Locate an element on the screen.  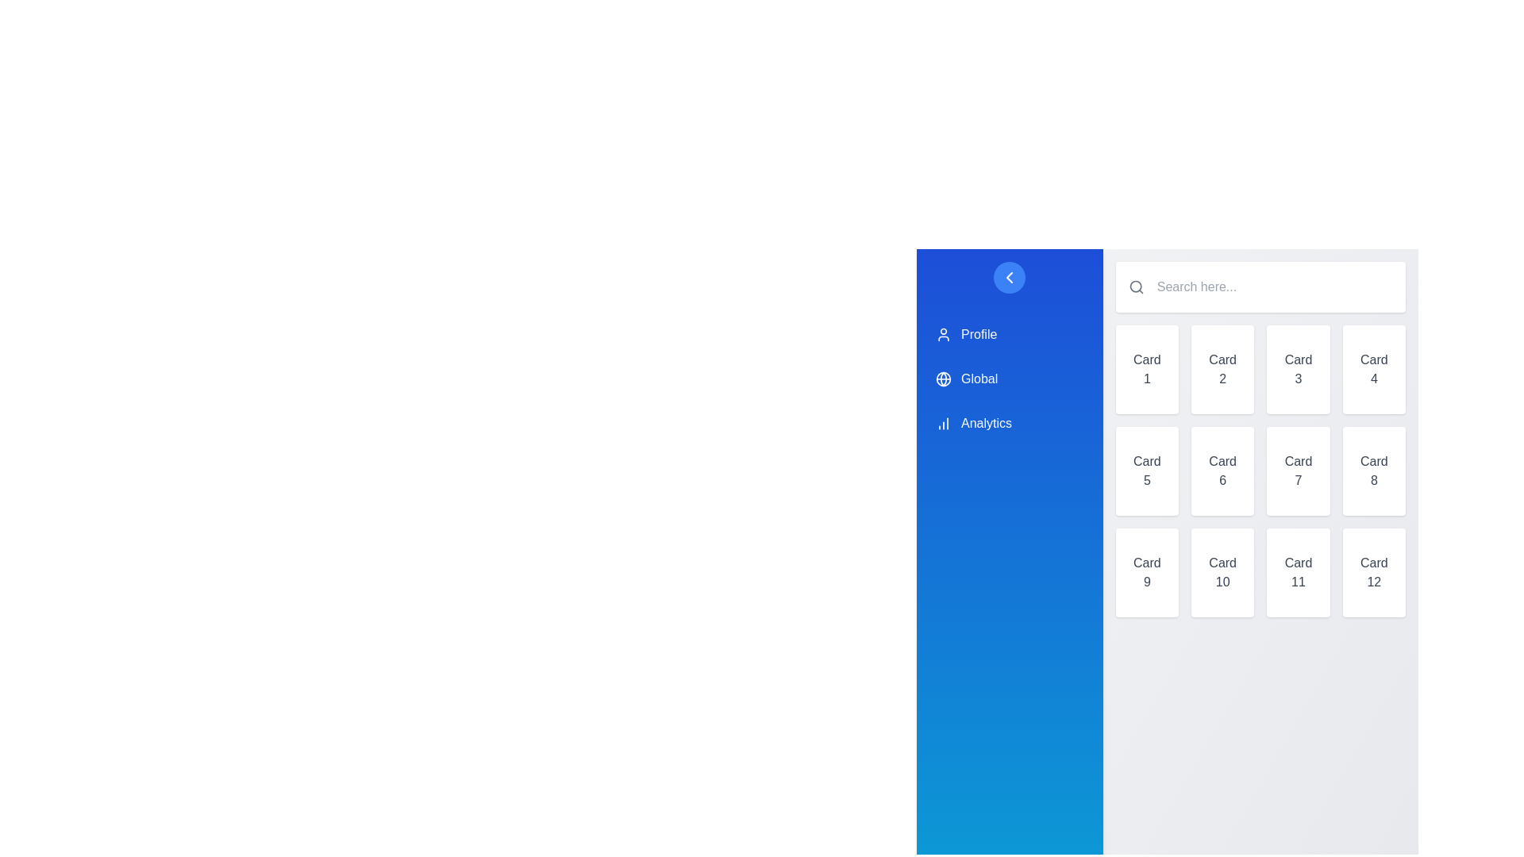
the navigation menu item labeled Global is located at coordinates (1009, 379).